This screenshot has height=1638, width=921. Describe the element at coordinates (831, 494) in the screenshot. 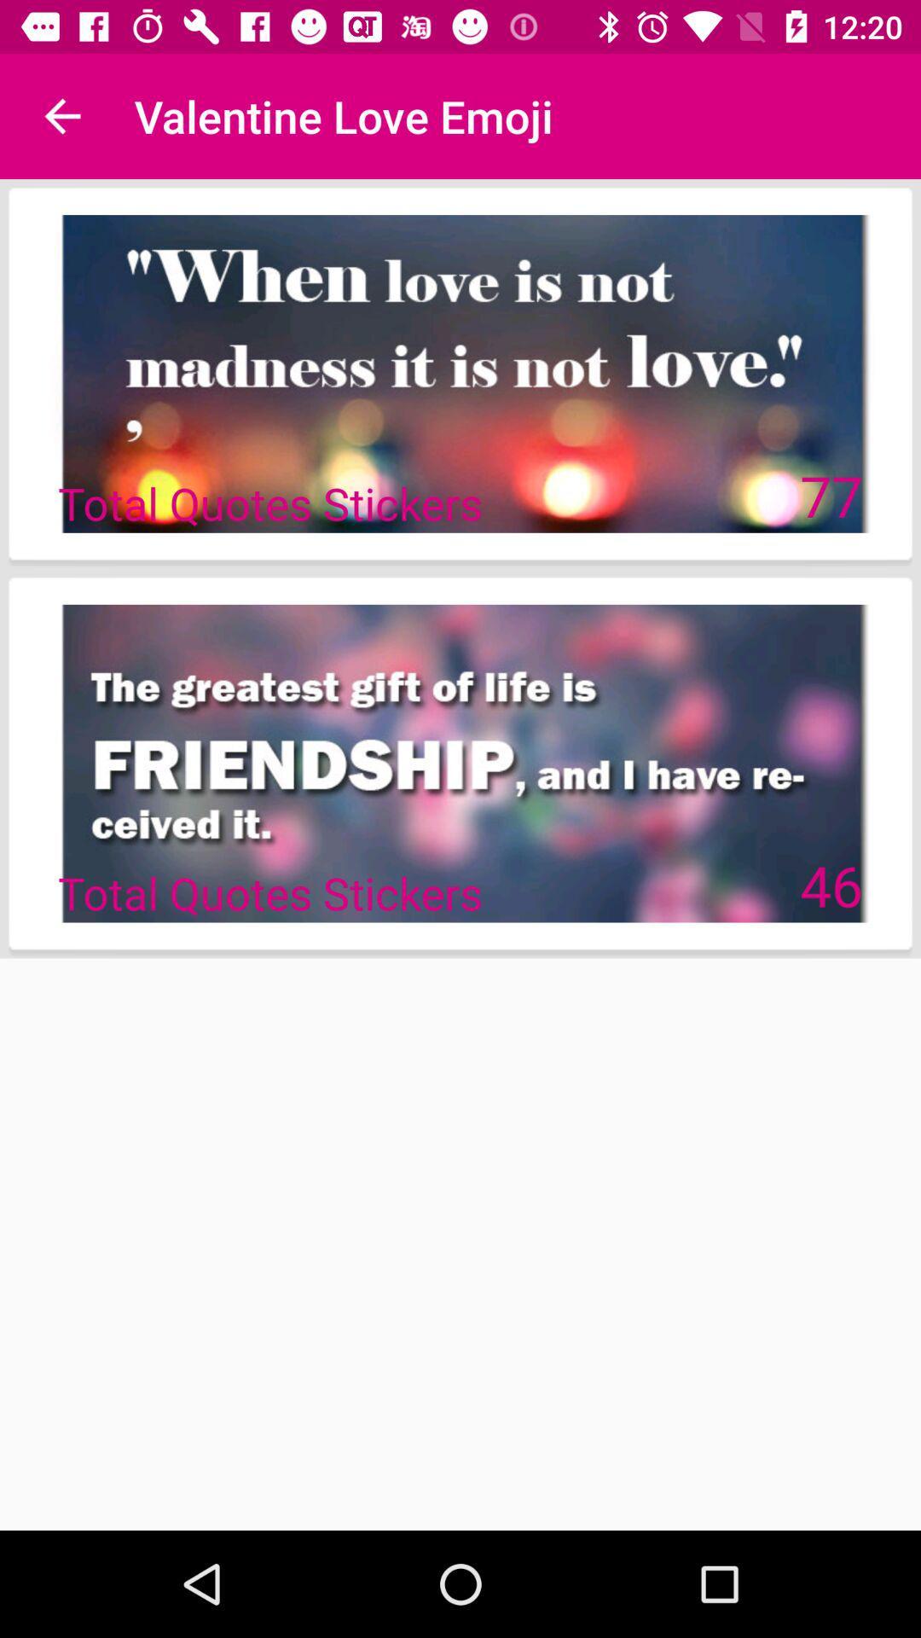

I see `the 77 icon` at that location.